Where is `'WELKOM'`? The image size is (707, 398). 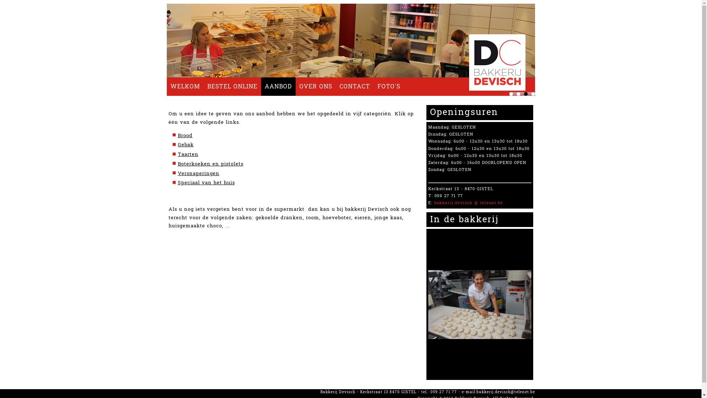 'WELKOM' is located at coordinates (166, 86).